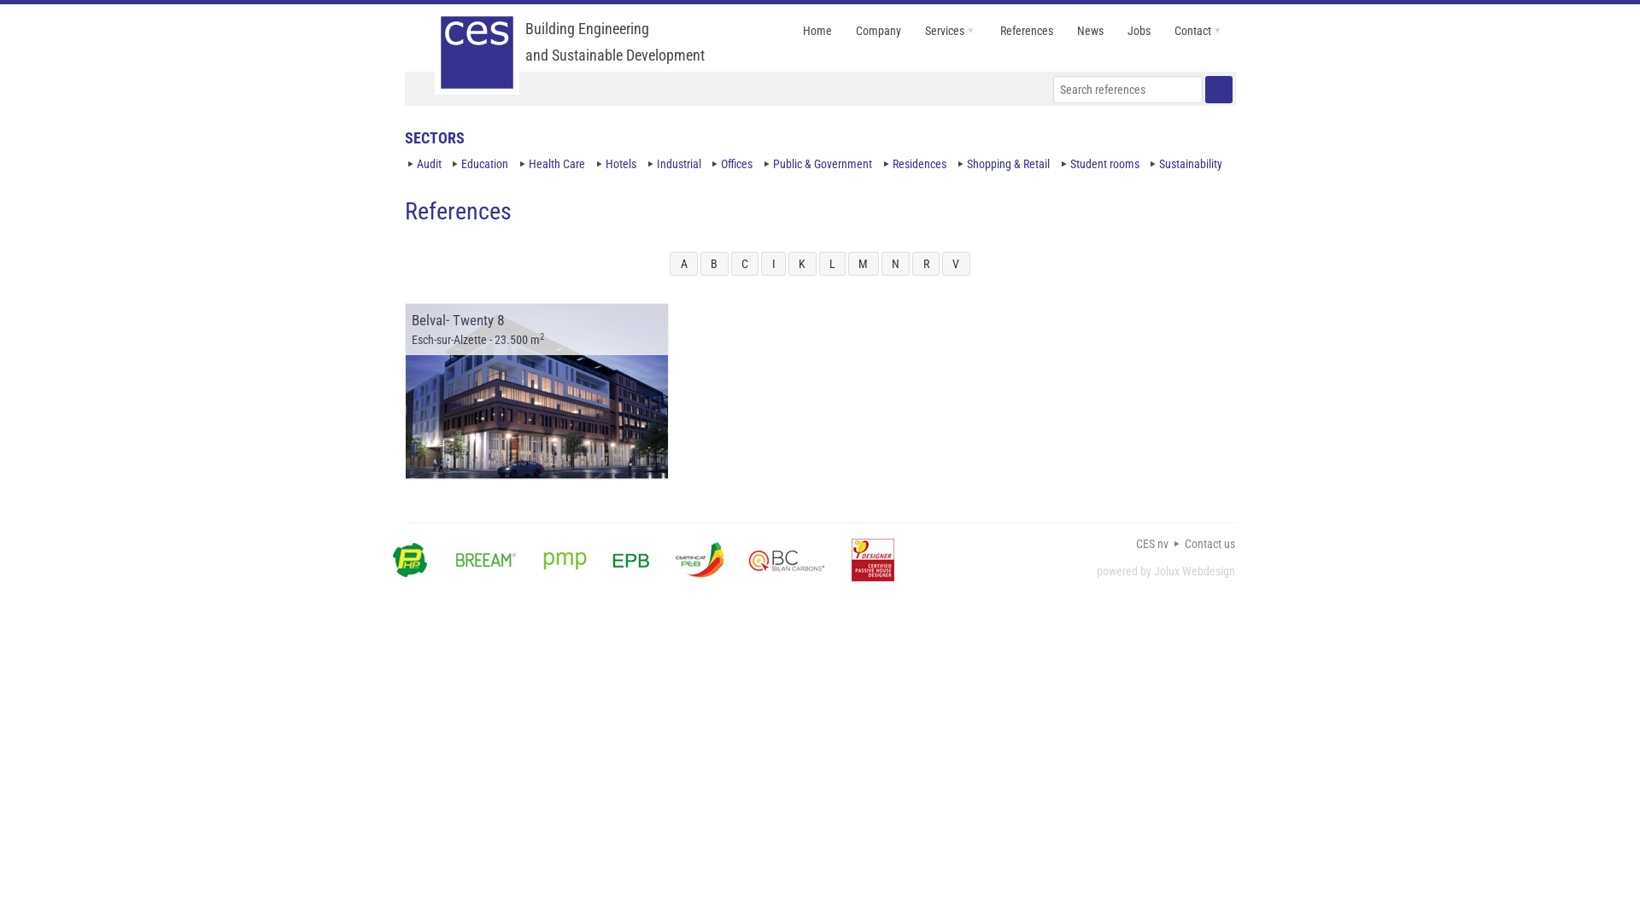  Describe the element at coordinates (1069, 164) in the screenshot. I see `'Student rooms'` at that location.